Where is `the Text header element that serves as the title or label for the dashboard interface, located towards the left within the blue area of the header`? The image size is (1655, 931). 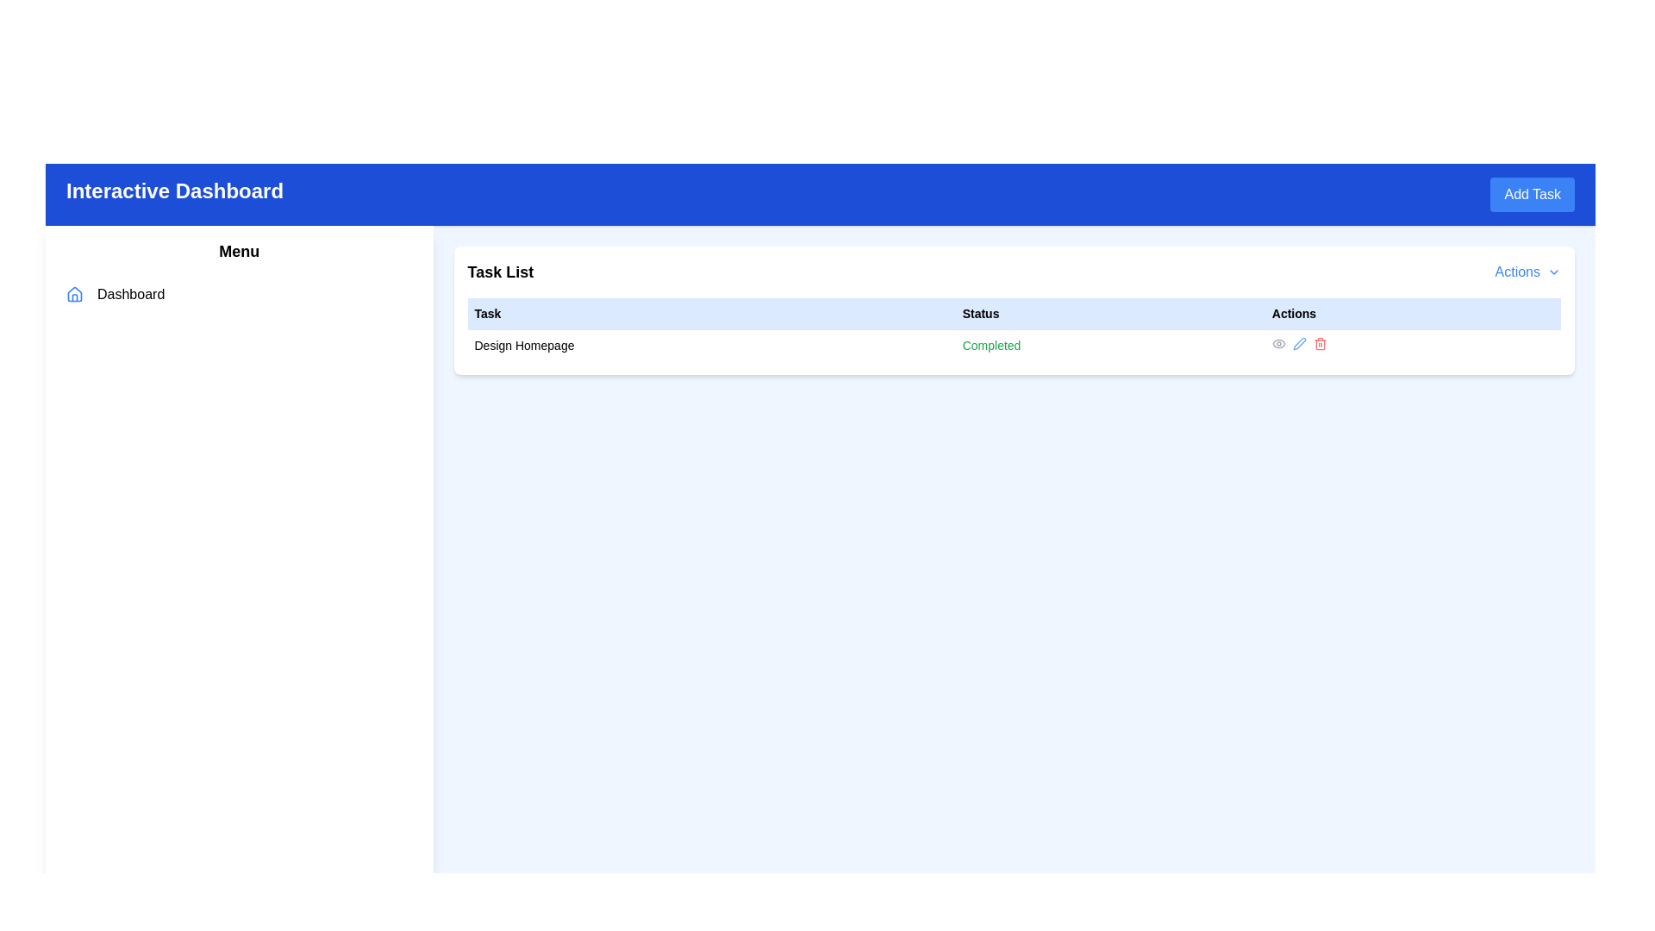 the Text header element that serves as the title or label for the dashboard interface, located towards the left within the blue area of the header is located at coordinates (175, 194).